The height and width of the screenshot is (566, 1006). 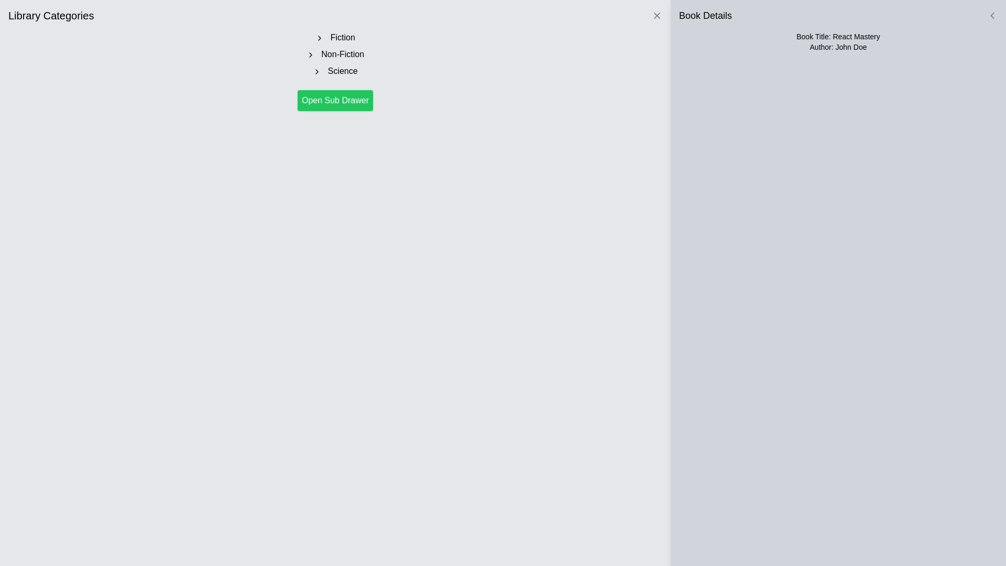 What do you see at coordinates (992, 16) in the screenshot?
I see `the left-pointing chevron icon representing the back arrow in the top-right corner of the page` at bounding box center [992, 16].